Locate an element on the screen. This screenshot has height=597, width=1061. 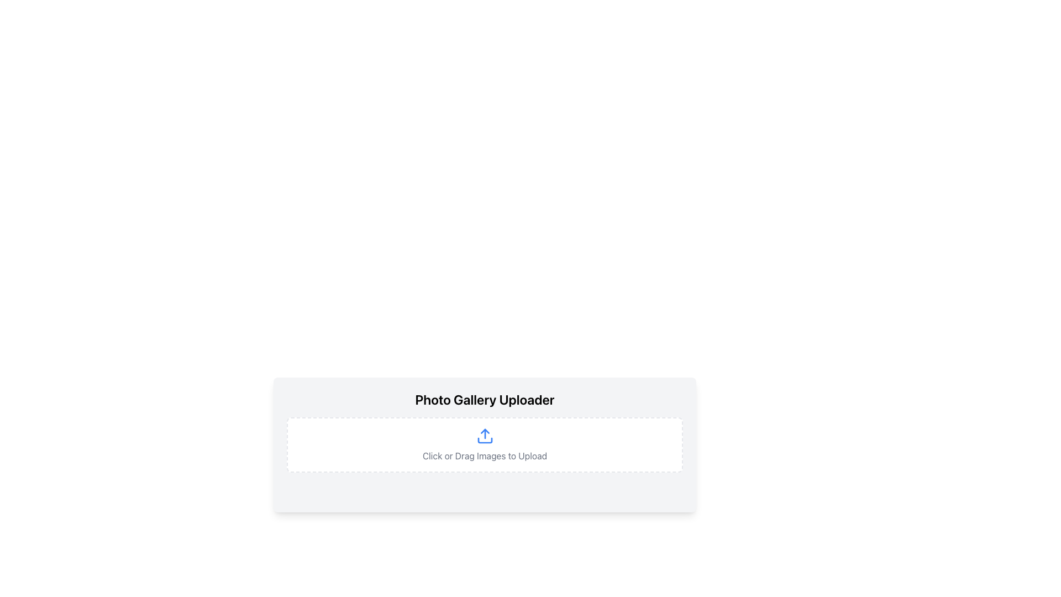
the blue upload icon in the uploader interface is located at coordinates (485, 436).